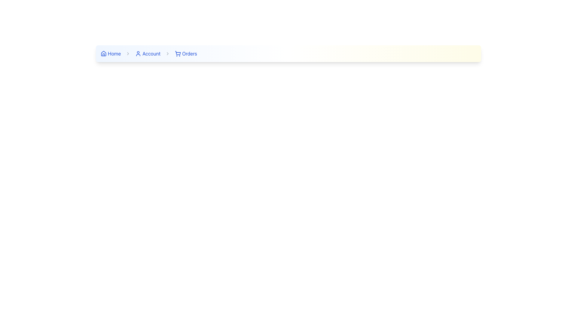 The height and width of the screenshot is (324, 577). I want to click on the 'Home' text label within the hyperlink in the breadcrumb navigation bar, so click(114, 53).